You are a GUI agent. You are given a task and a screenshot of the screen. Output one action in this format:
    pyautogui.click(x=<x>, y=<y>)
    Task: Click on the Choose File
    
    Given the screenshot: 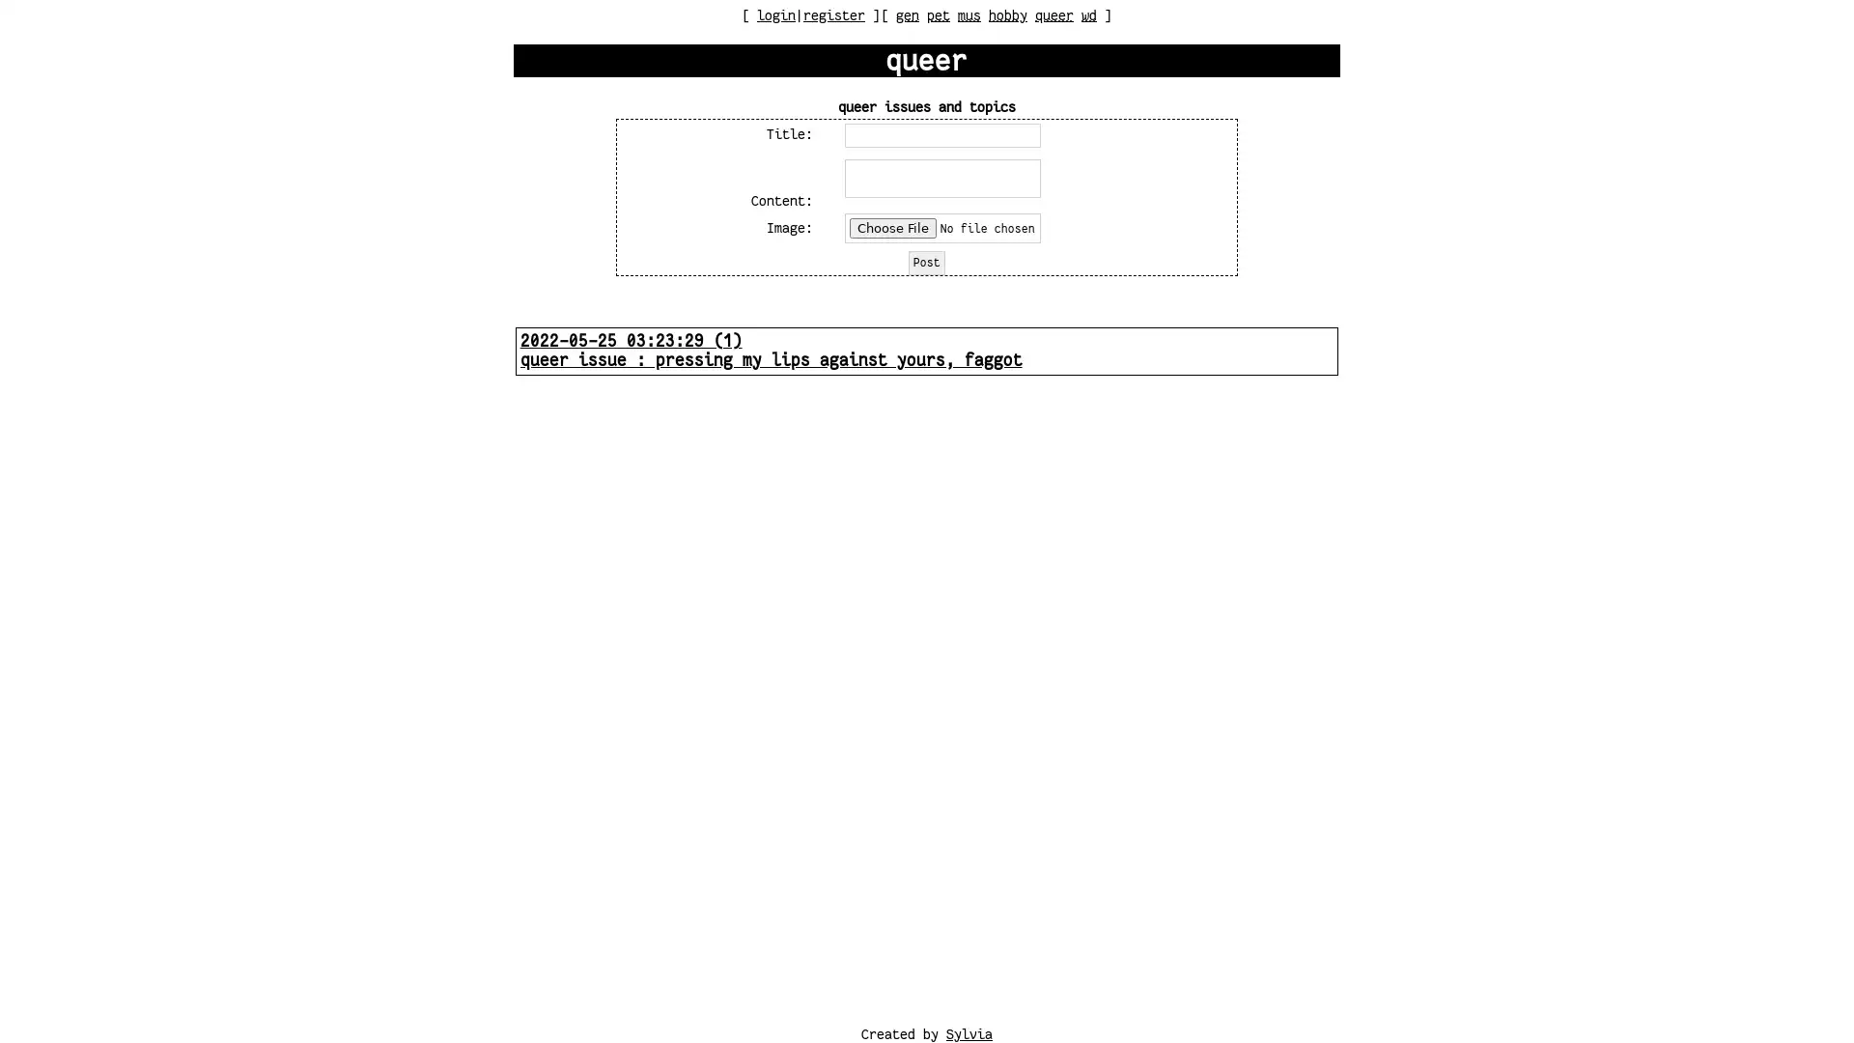 What is the action you would take?
    pyautogui.click(x=892, y=226)
    